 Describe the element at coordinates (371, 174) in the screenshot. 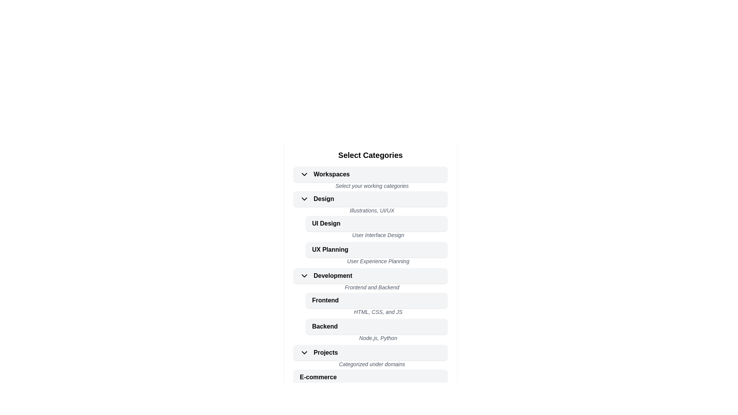

I see `the toggle button for the 'Workspaces' section, located under 'Select Categories'` at that location.